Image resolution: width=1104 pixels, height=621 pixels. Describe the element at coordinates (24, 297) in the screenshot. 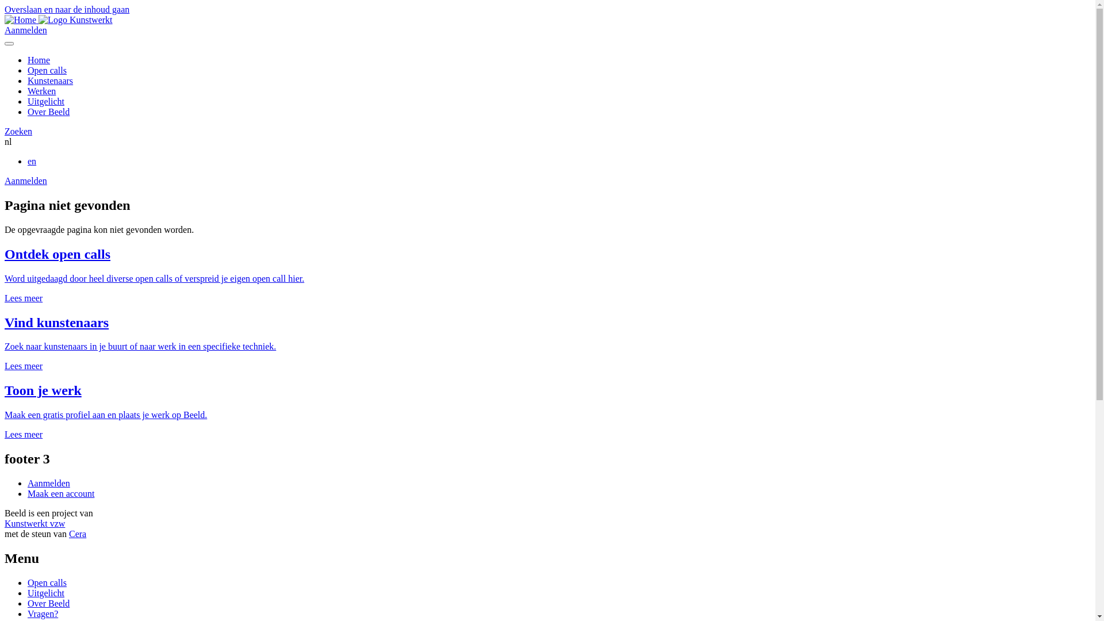

I see `'Lees meer'` at that location.